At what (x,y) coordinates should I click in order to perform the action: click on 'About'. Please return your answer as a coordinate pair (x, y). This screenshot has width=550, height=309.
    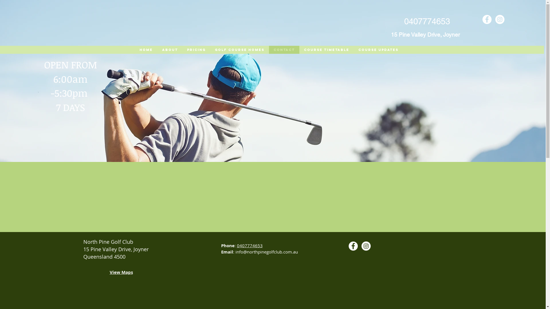
    Looking at the image, I should click on (157, 49).